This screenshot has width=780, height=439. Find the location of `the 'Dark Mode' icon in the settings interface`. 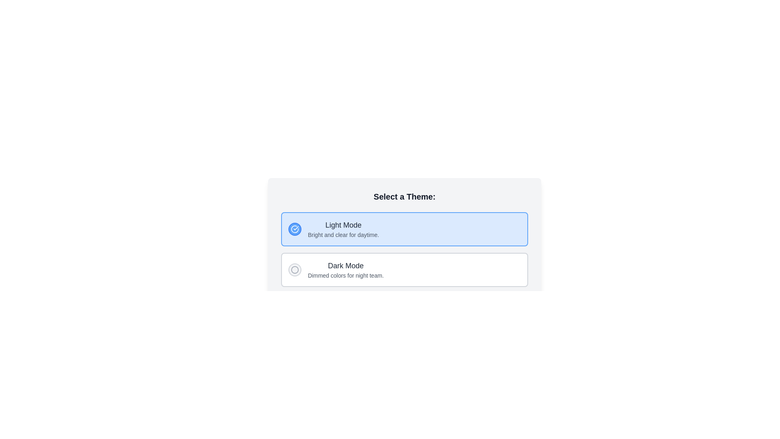

the 'Dark Mode' icon in the settings interface is located at coordinates (294, 269).